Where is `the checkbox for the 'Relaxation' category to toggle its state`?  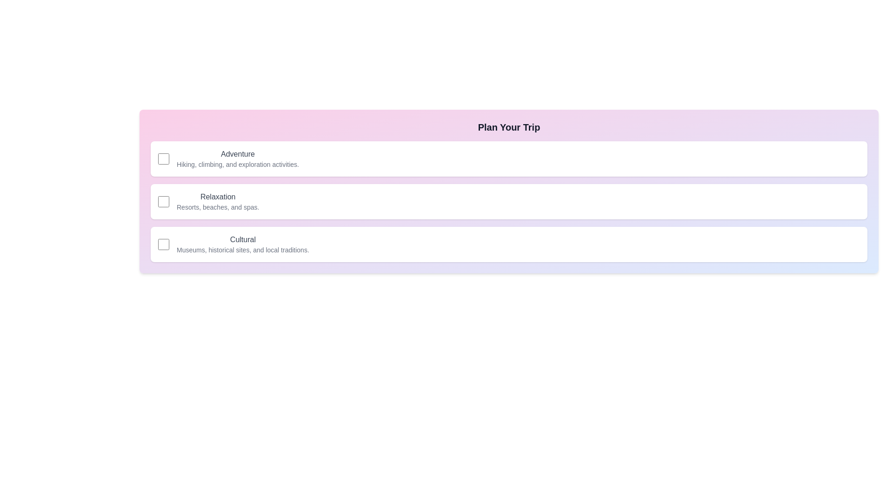
the checkbox for the 'Relaxation' category to toggle its state is located at coordinates (163, 201).